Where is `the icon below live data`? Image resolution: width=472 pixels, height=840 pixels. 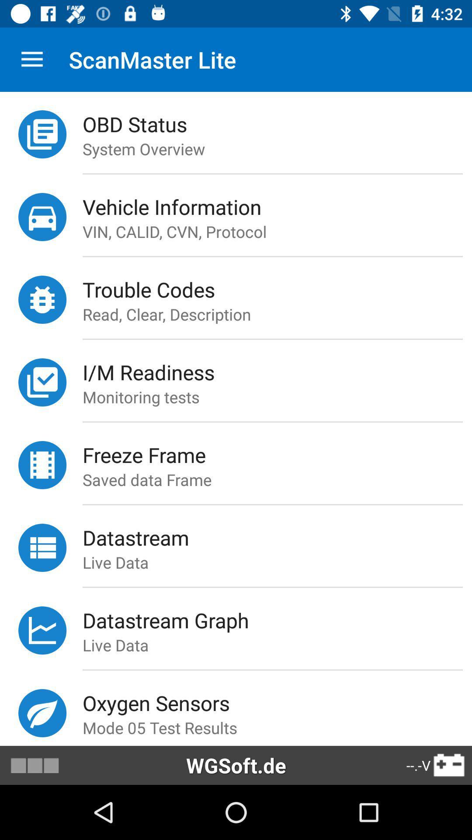
the icon below live data is located at coordinates (272, 669).